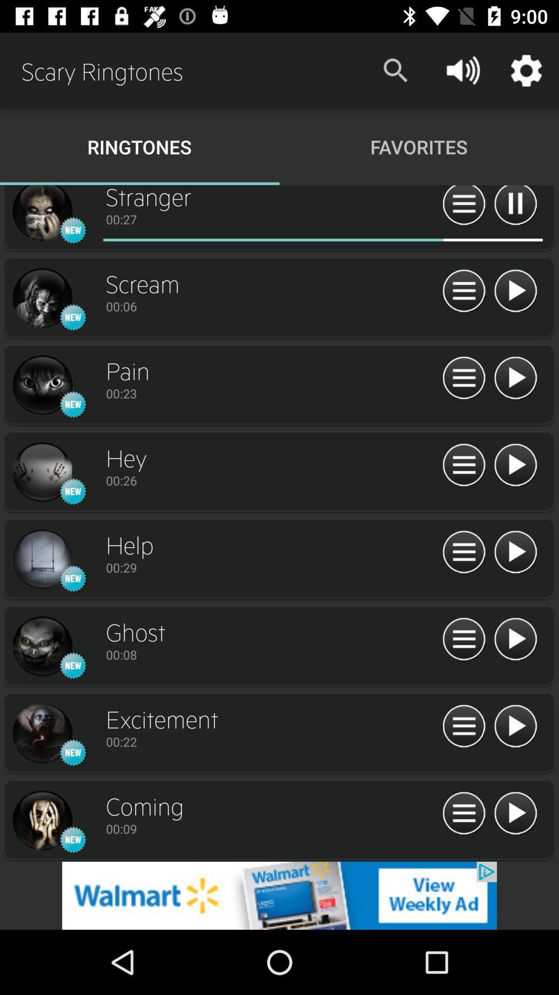 The image size is (559, 995). I want to click on menu option, so click(463, 639).